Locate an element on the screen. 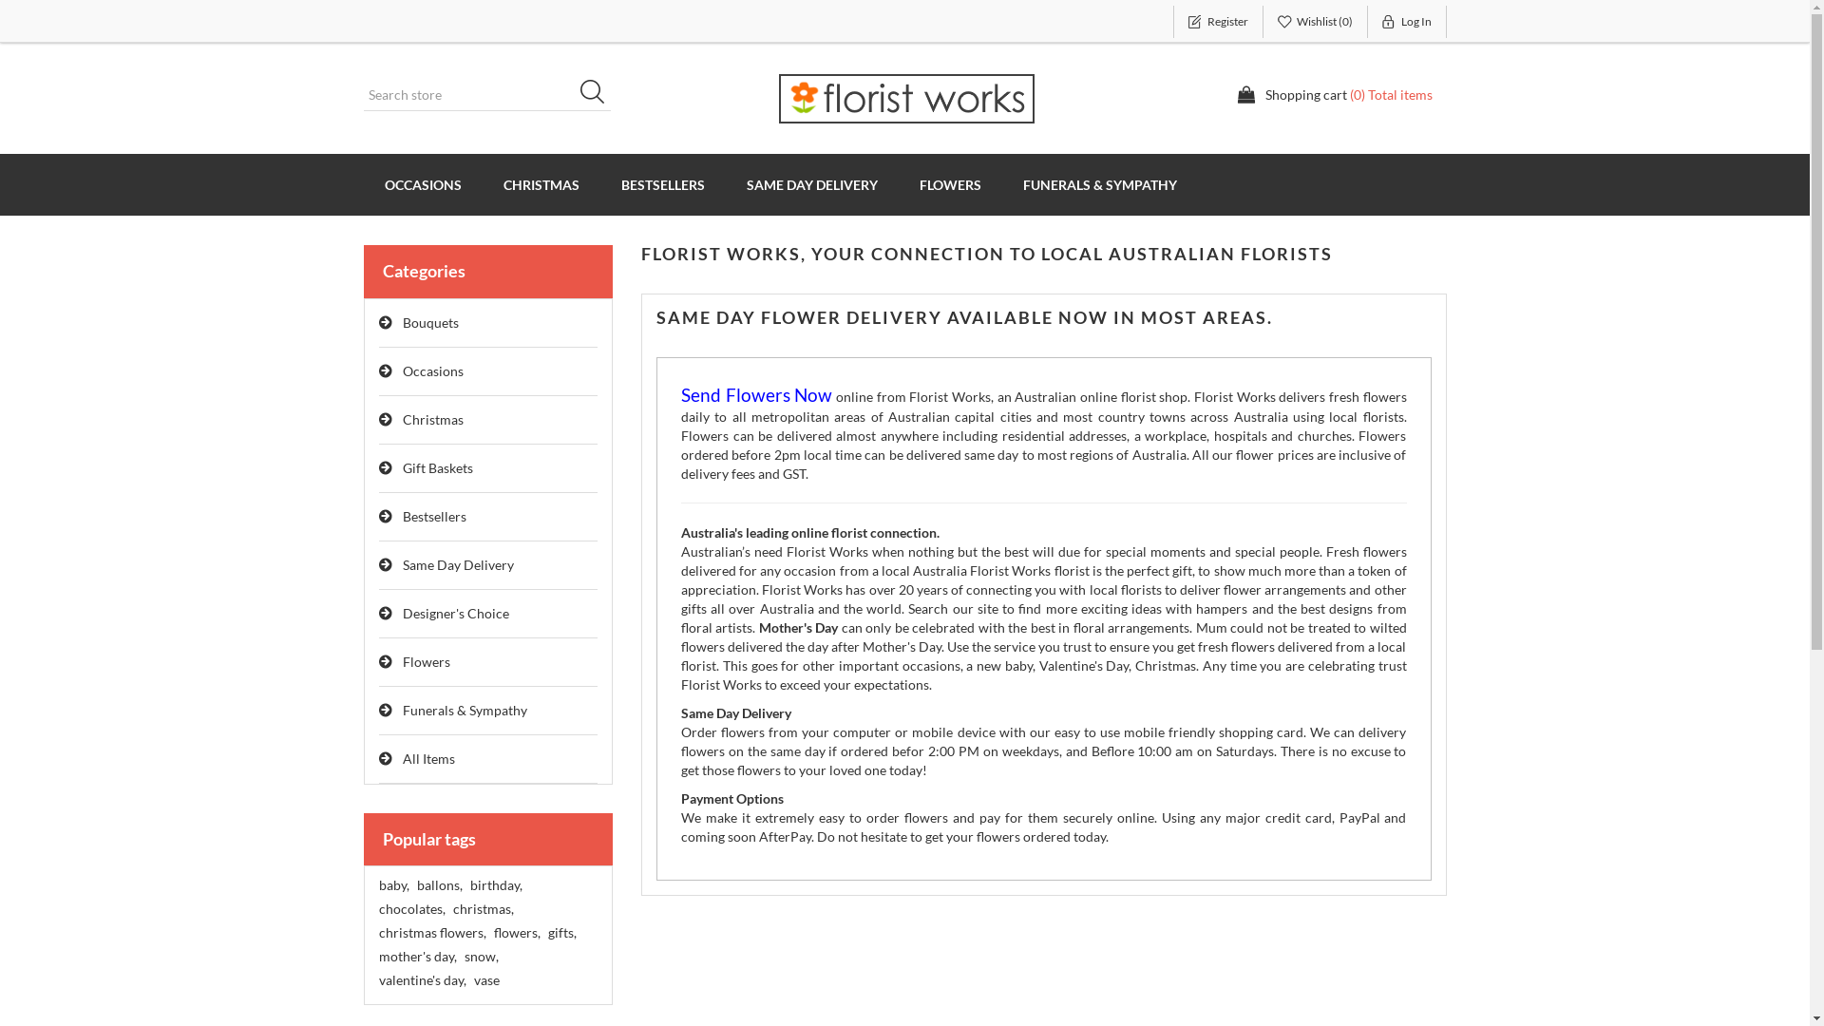 Image resolution: width=1824 pixels, height=1026 pixels. 'flowers,' is located at coordinates (517, 932).